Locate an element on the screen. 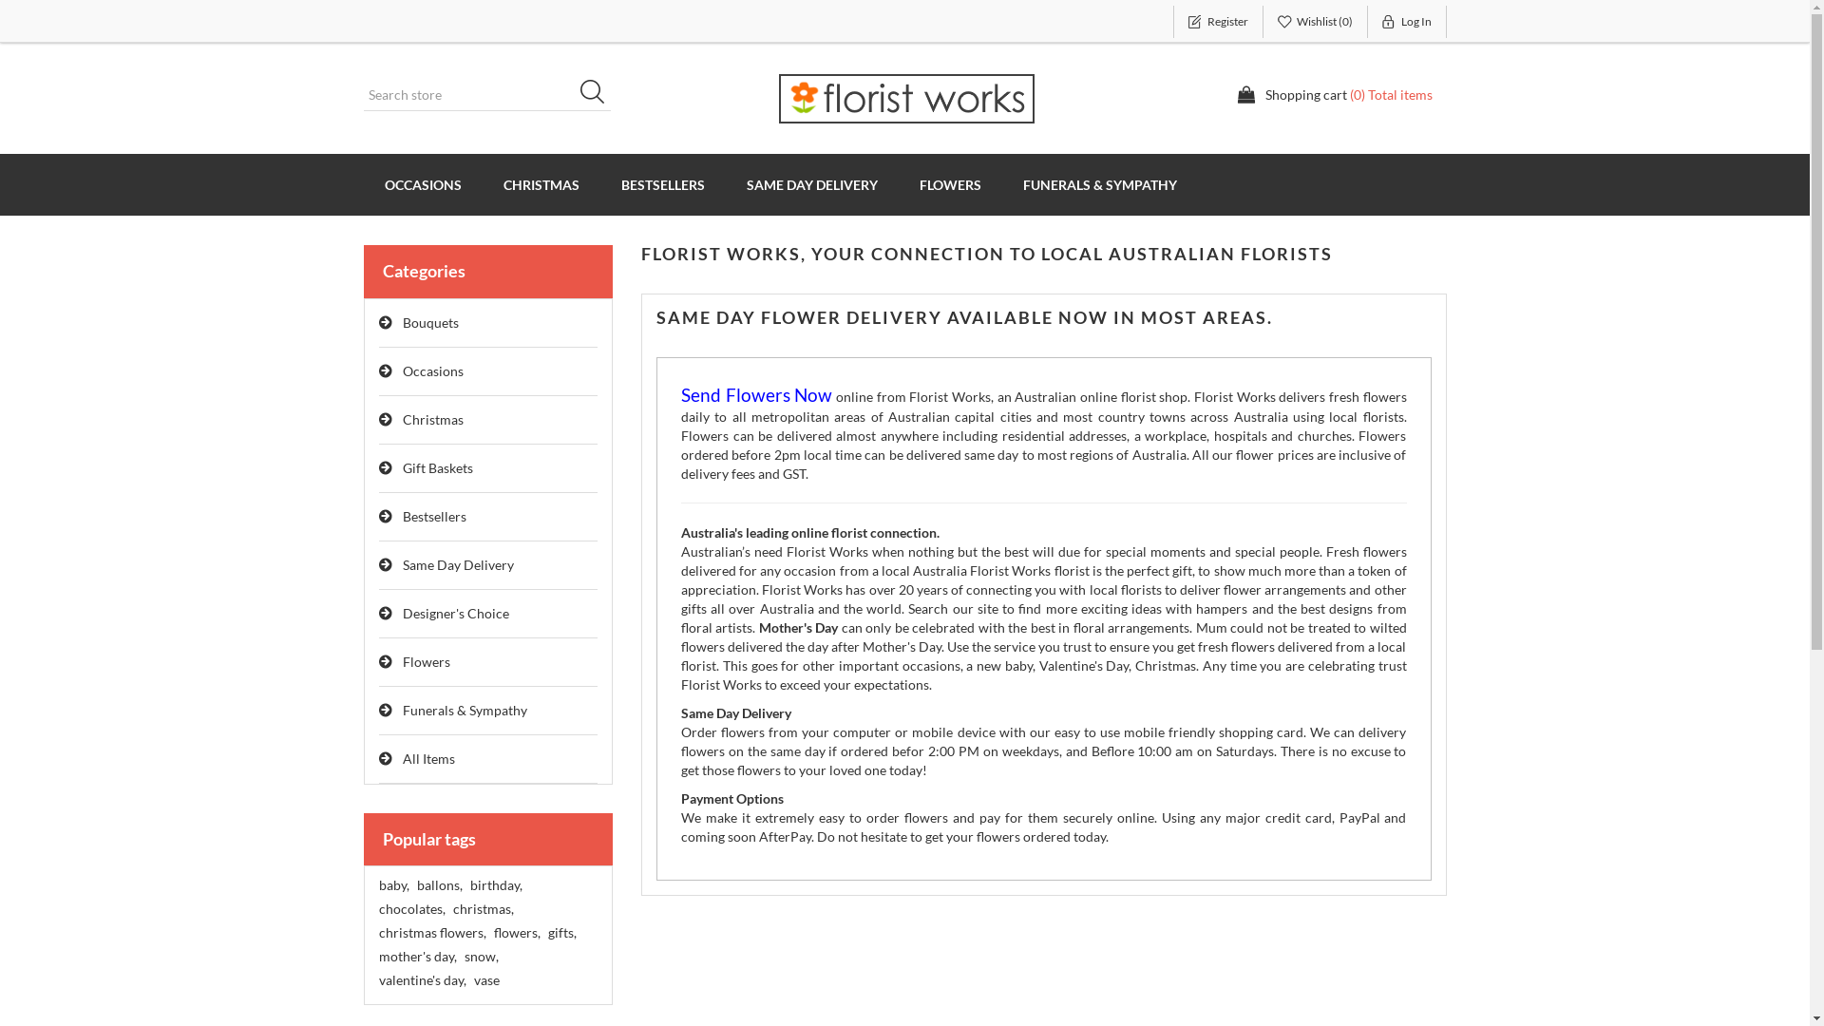 Image resolution: width=1824 pixels, height=1026 pixels. 'flowers,' is located at coordinates (517, 932).